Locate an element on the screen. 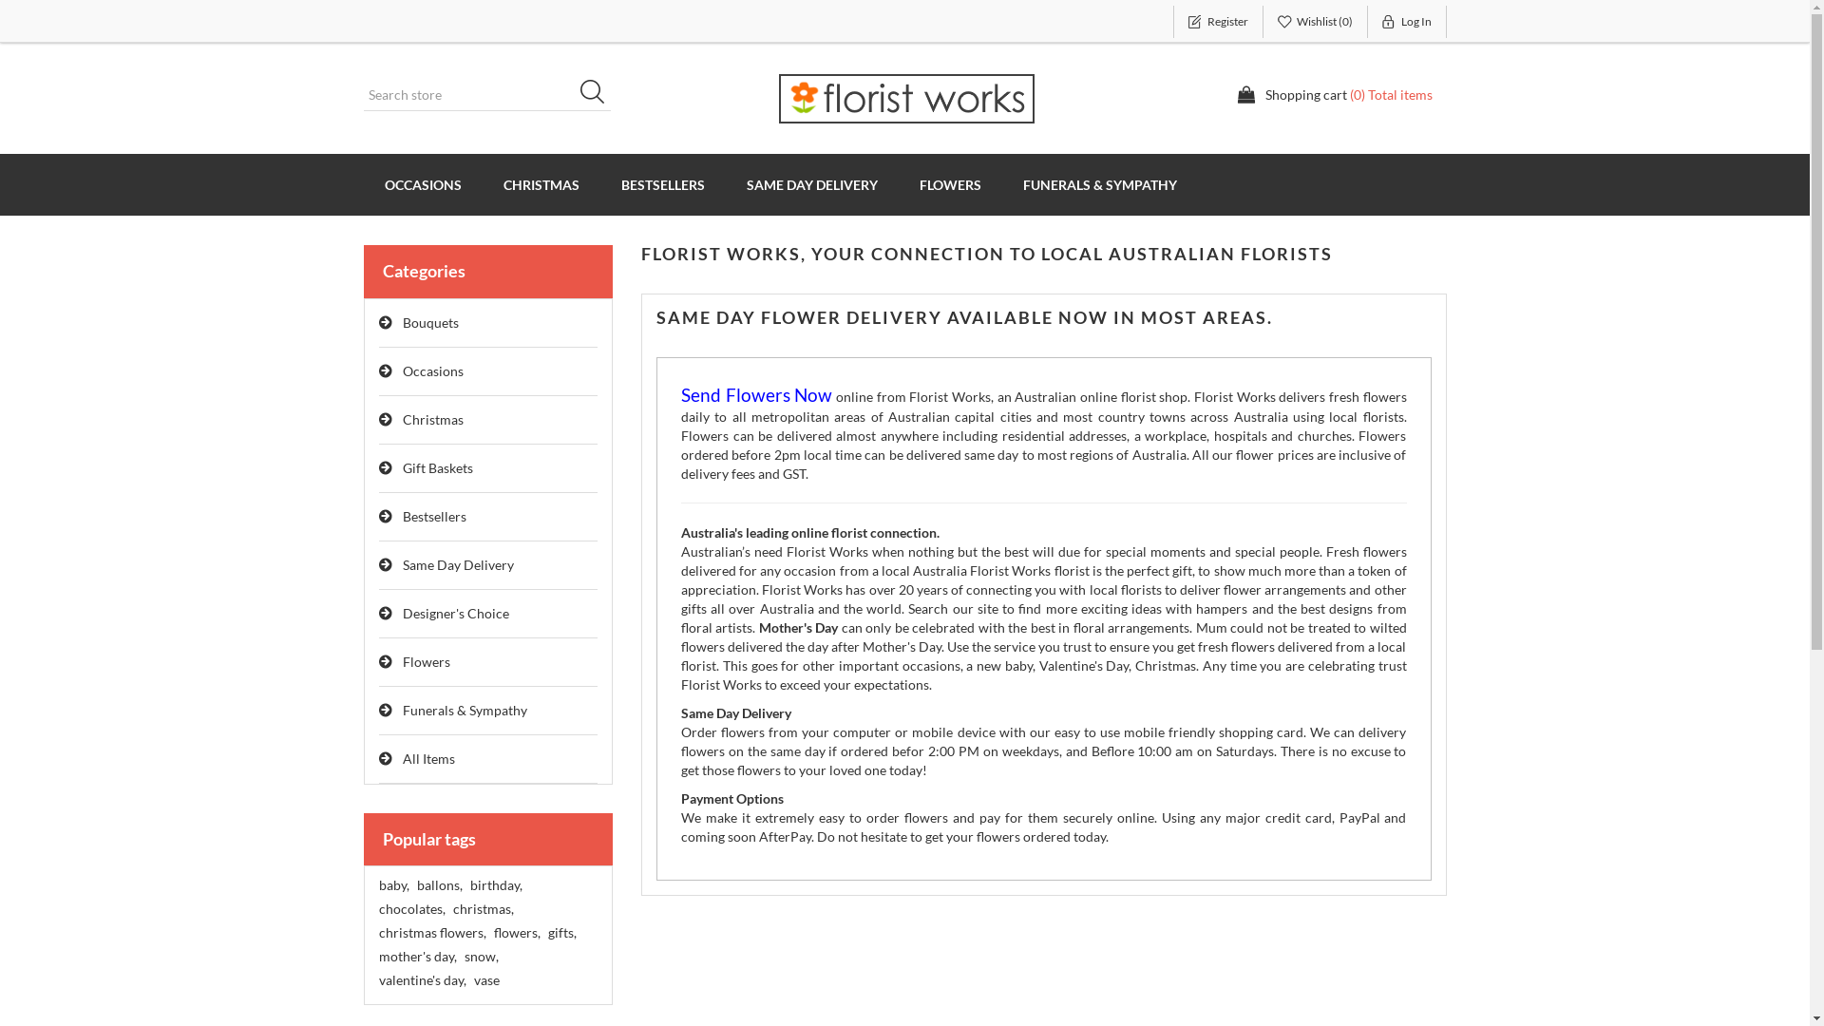 Image resolution: width=1824 pixels, height=1026 pixels. 'flowers,' is located at coordinates (517, 932).